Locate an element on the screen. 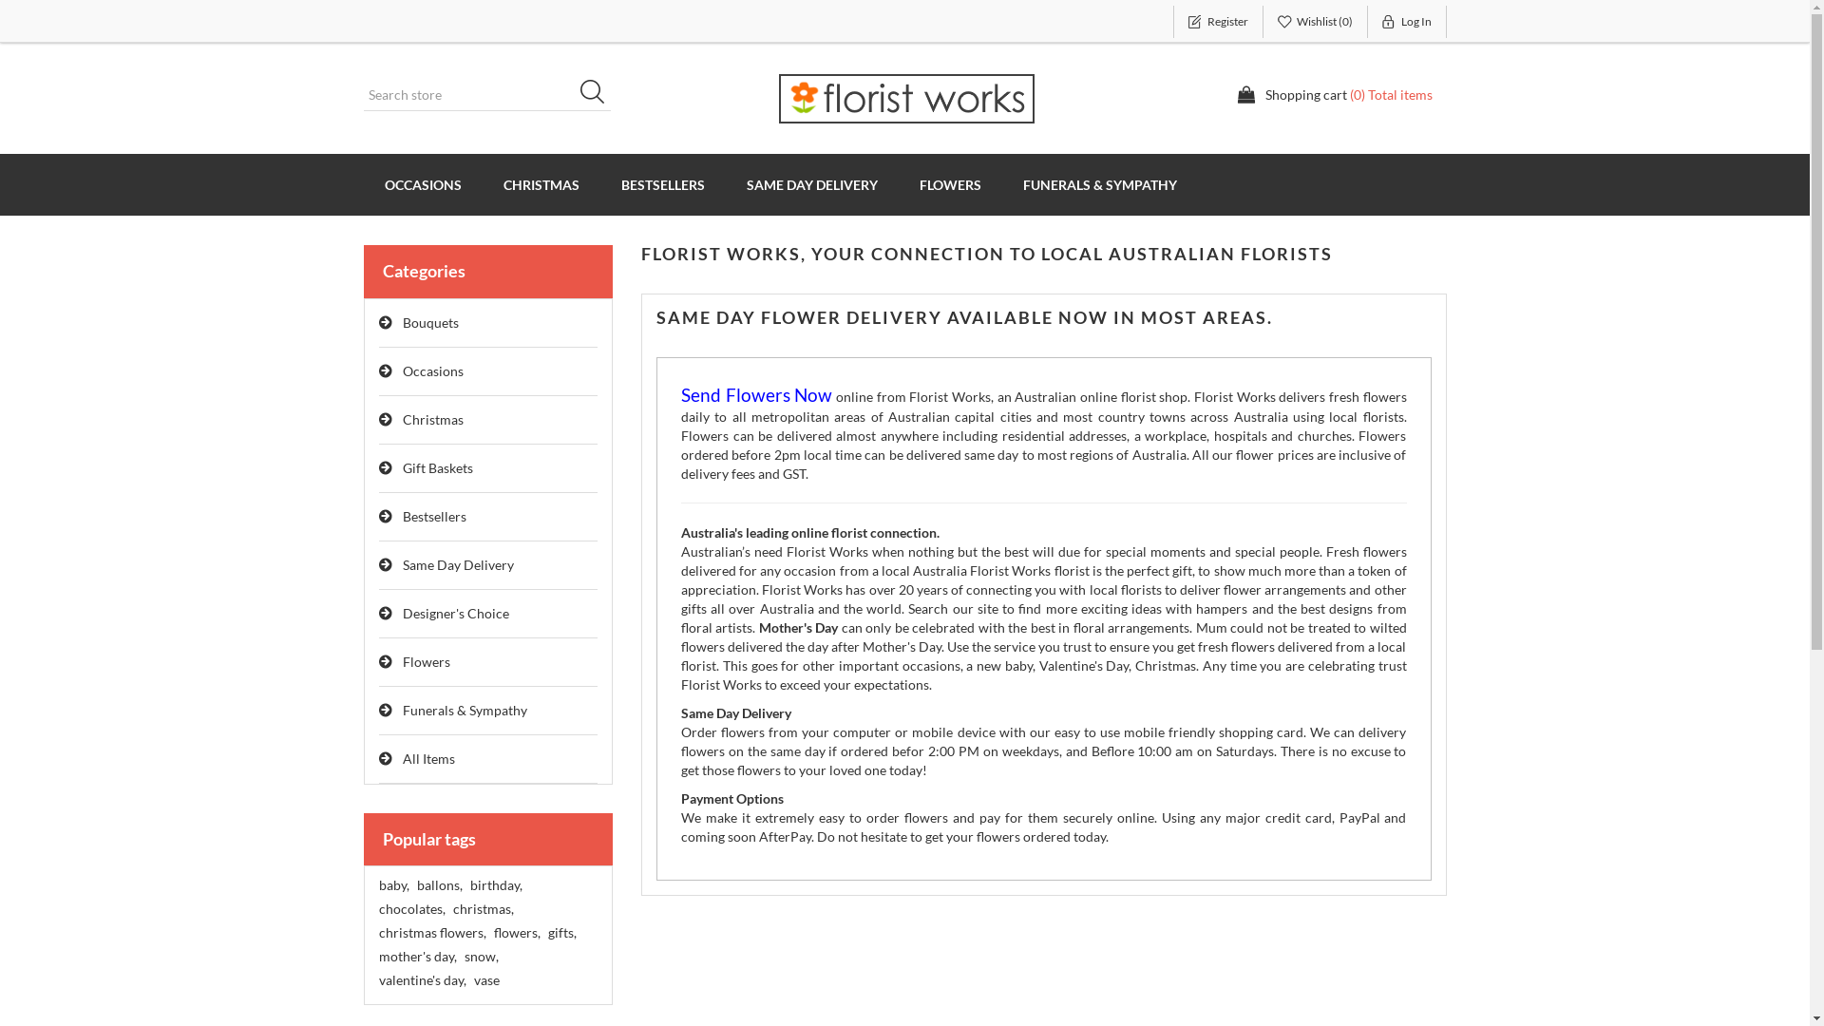 Image resolution: width=1824 pixels, height=1026 pixels. 'flowers,' is located at coordinates (517, 932).